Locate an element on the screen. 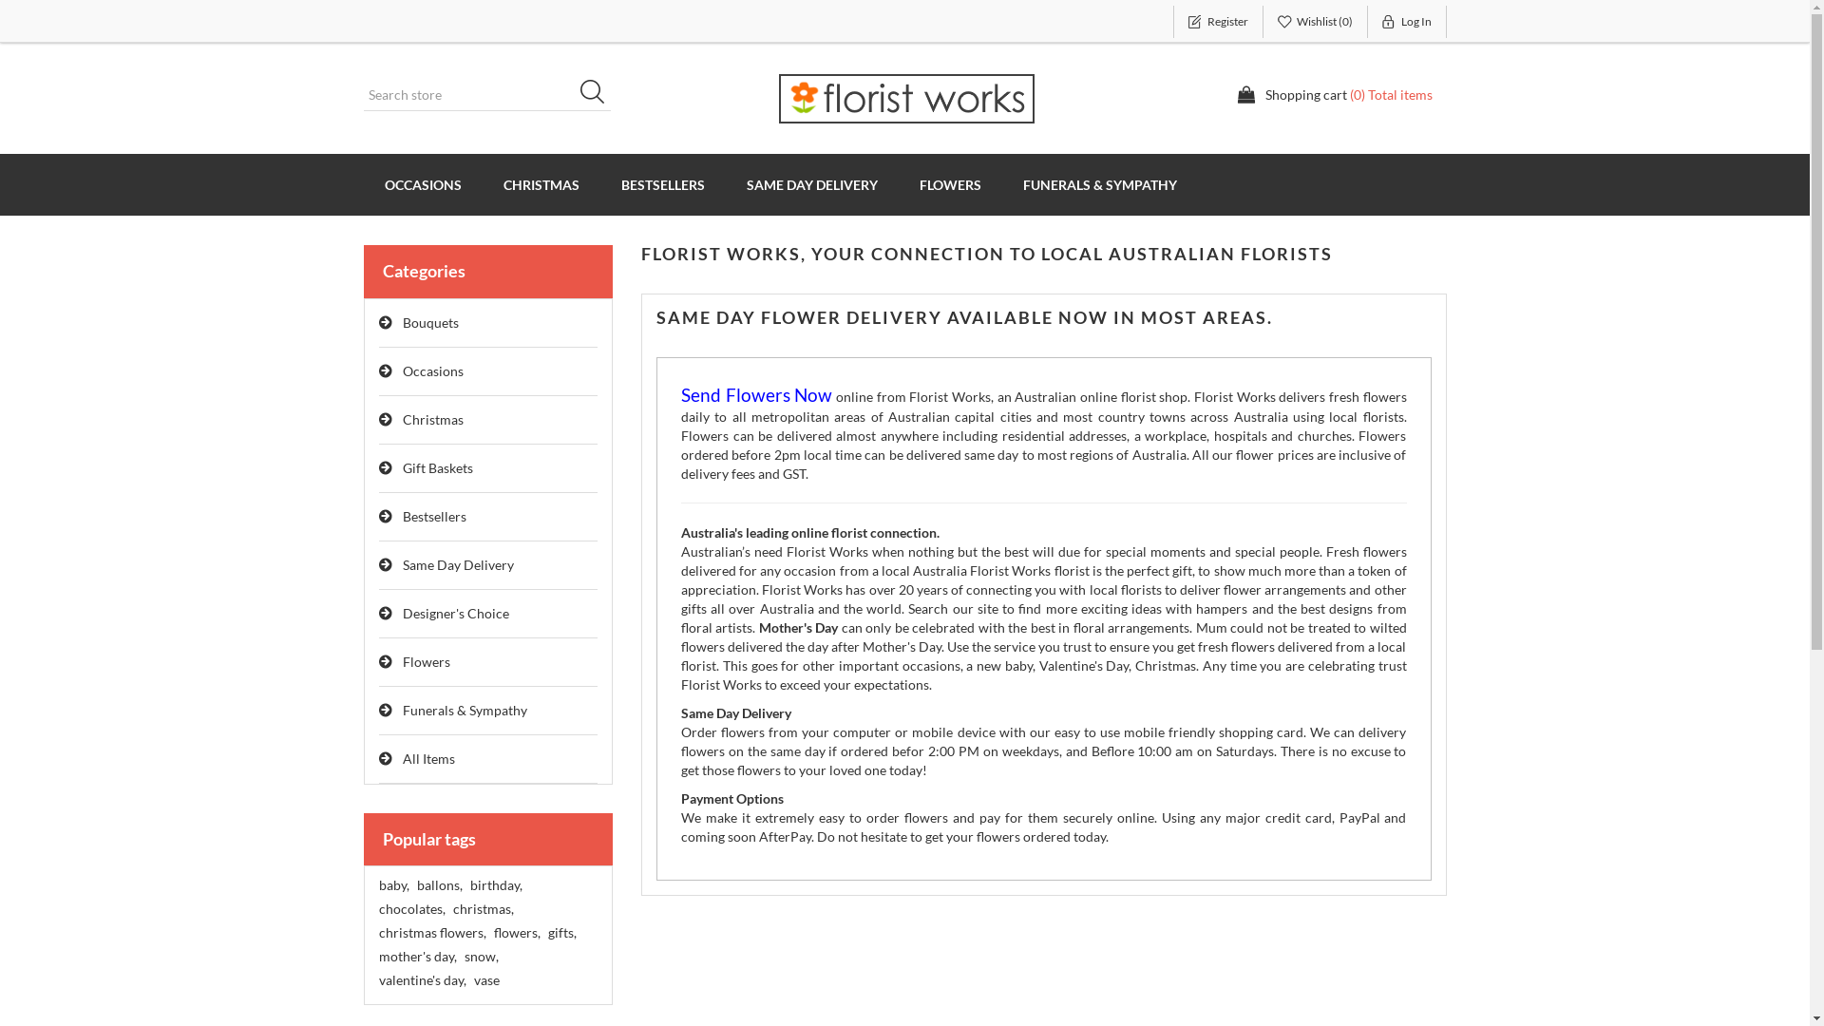 Image resolution: width=1824 pixels, height=1026 pixels. 'flowers,' is located at coordinates (517, 932).